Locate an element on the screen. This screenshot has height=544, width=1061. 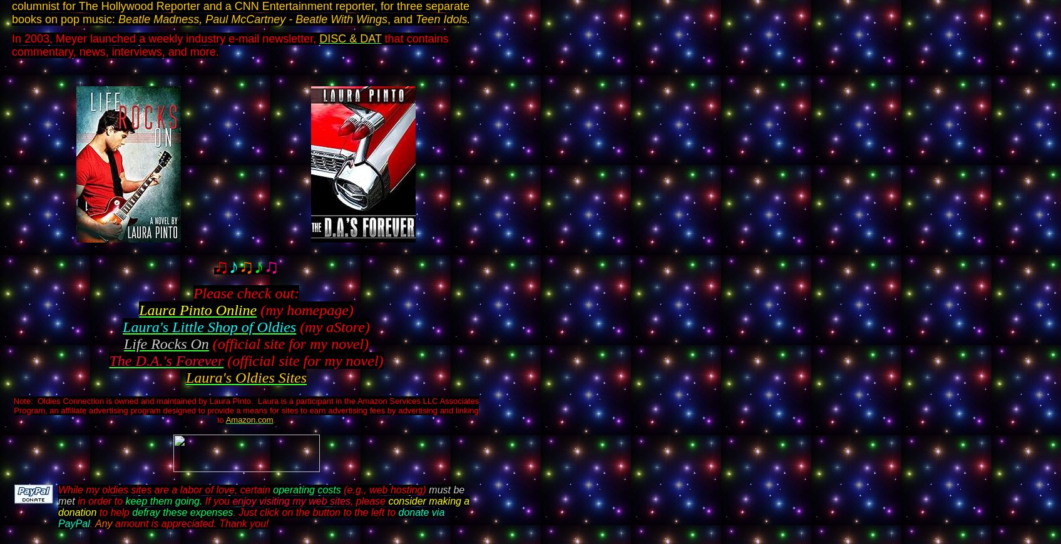
'amount is appreciated. Thank you!' is located at coordinates (190, 523).